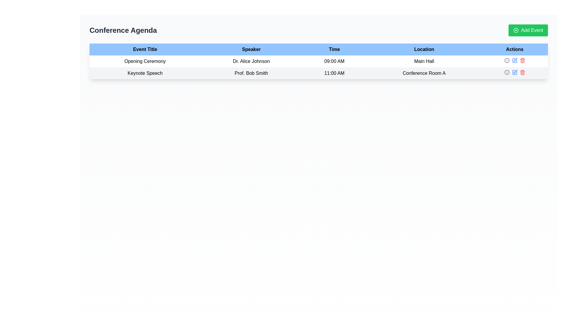 The width and height of the screenshot is (573, 322). I want to click on the 'Actions' table header, which is a rectangular cell with bold, black text on a blue background, located at the top right corner of the table, so click(514, 49).